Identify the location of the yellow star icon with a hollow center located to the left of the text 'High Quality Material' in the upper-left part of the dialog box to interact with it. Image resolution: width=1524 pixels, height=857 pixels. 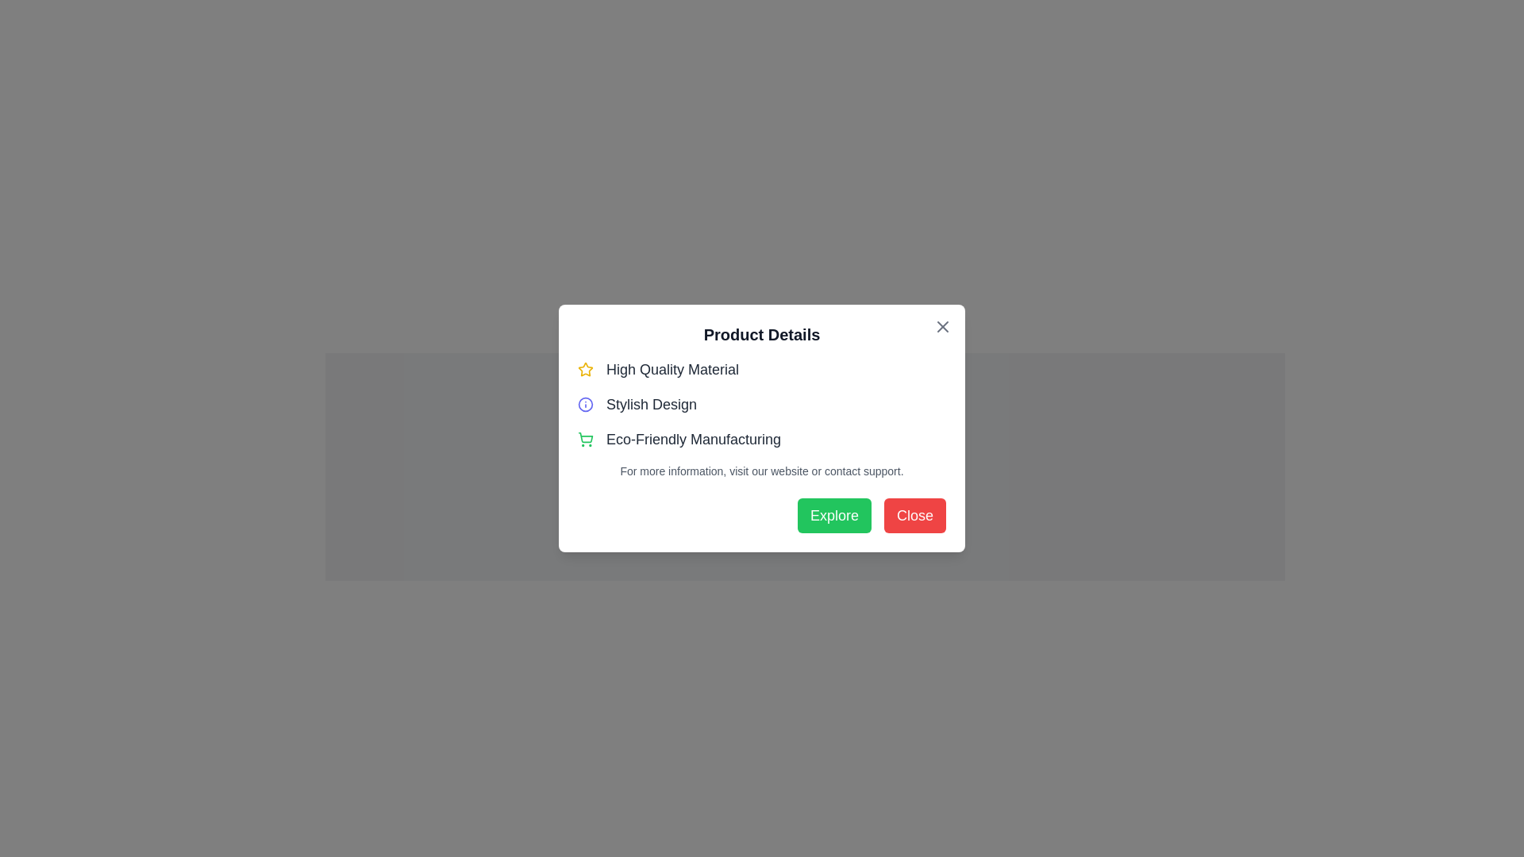
(585, 369).